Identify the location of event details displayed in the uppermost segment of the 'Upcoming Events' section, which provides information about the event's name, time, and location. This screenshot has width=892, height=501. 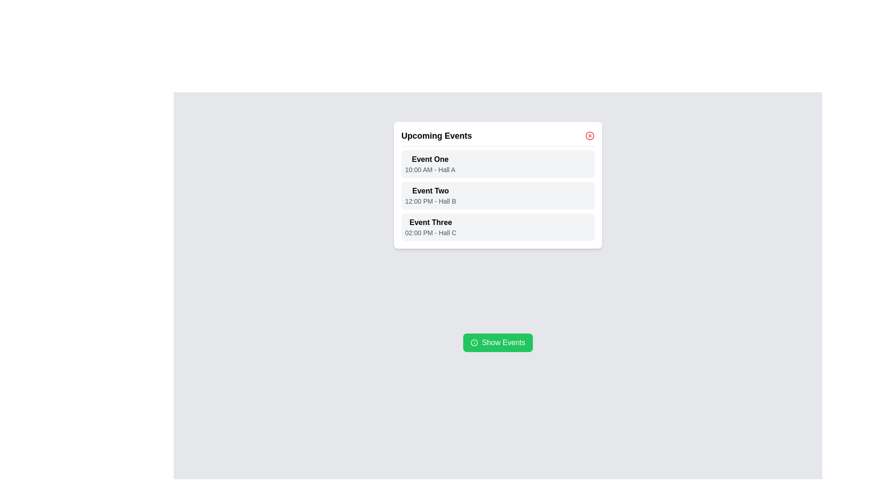
(430, 164).